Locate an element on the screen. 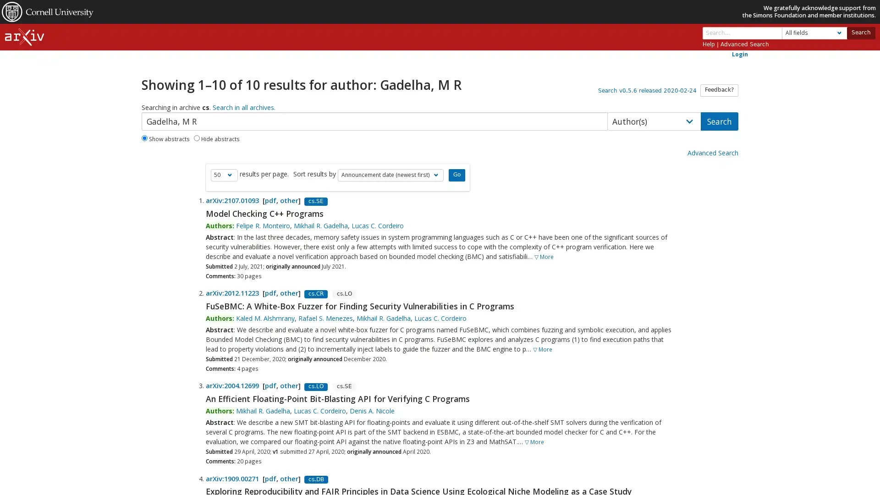 This screenshot has height=495, width=880. Feedback? is located at coordinates (719, 90).